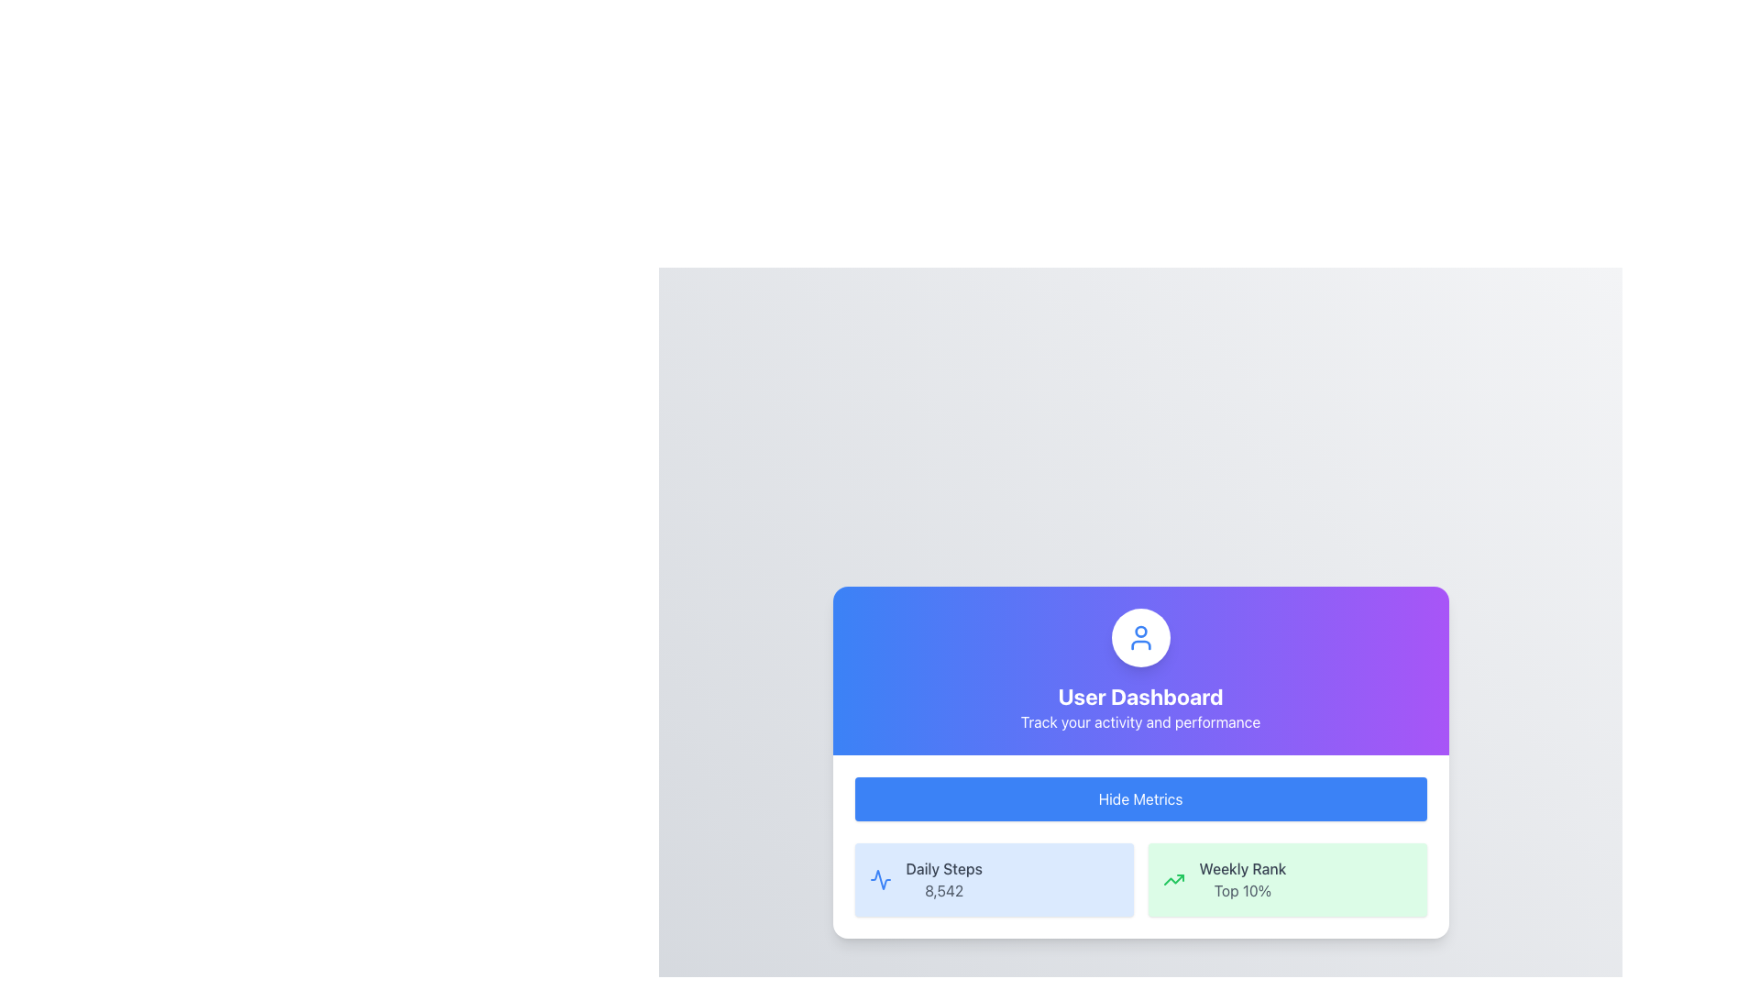  I want to click on the toggle visibility button located above the 'Daily Steps' and 'Weekly Rank' boxes, so click(1139, 797).